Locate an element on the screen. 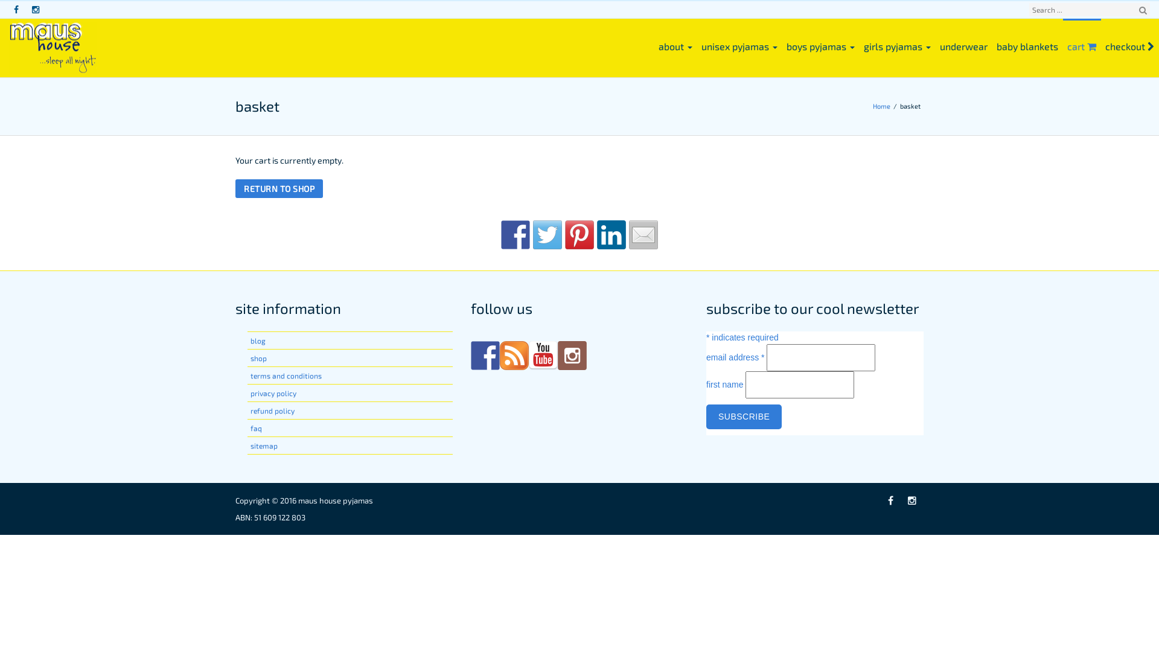 This screenshot has width=1159, height=652. 'RETURN TO SHOP' is located at coordinates (235, 188).